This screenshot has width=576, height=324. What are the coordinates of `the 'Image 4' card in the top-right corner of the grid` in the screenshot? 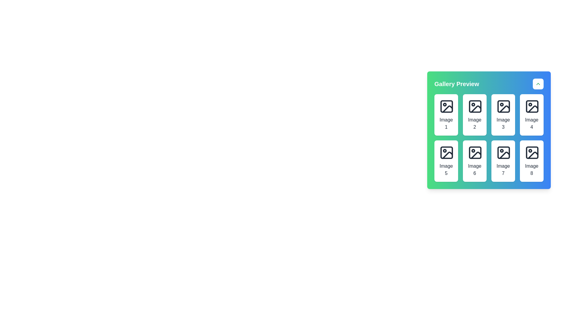 It's located at (532, 115).